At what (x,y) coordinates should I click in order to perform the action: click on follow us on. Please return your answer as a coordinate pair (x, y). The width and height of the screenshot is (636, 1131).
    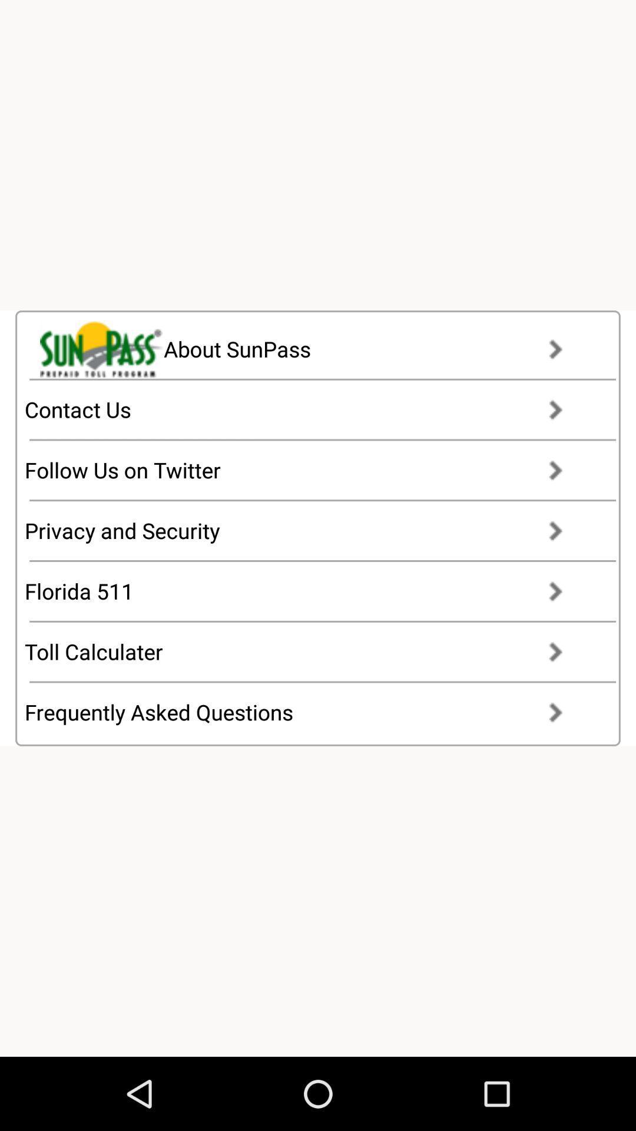
    Looking at the image, I should click on (304, 469).